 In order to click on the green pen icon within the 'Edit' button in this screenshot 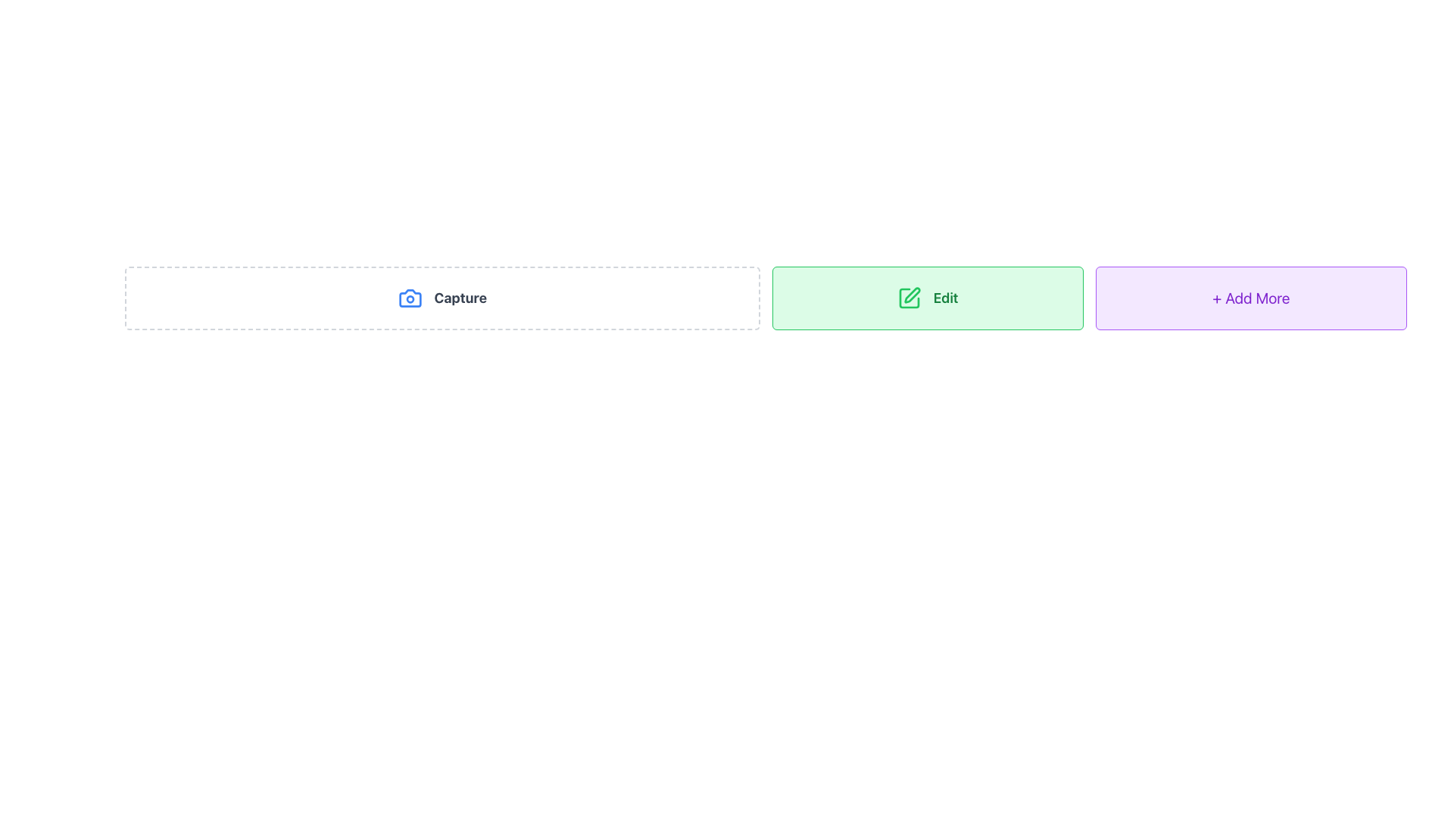, I will do `click(911, 295)`.